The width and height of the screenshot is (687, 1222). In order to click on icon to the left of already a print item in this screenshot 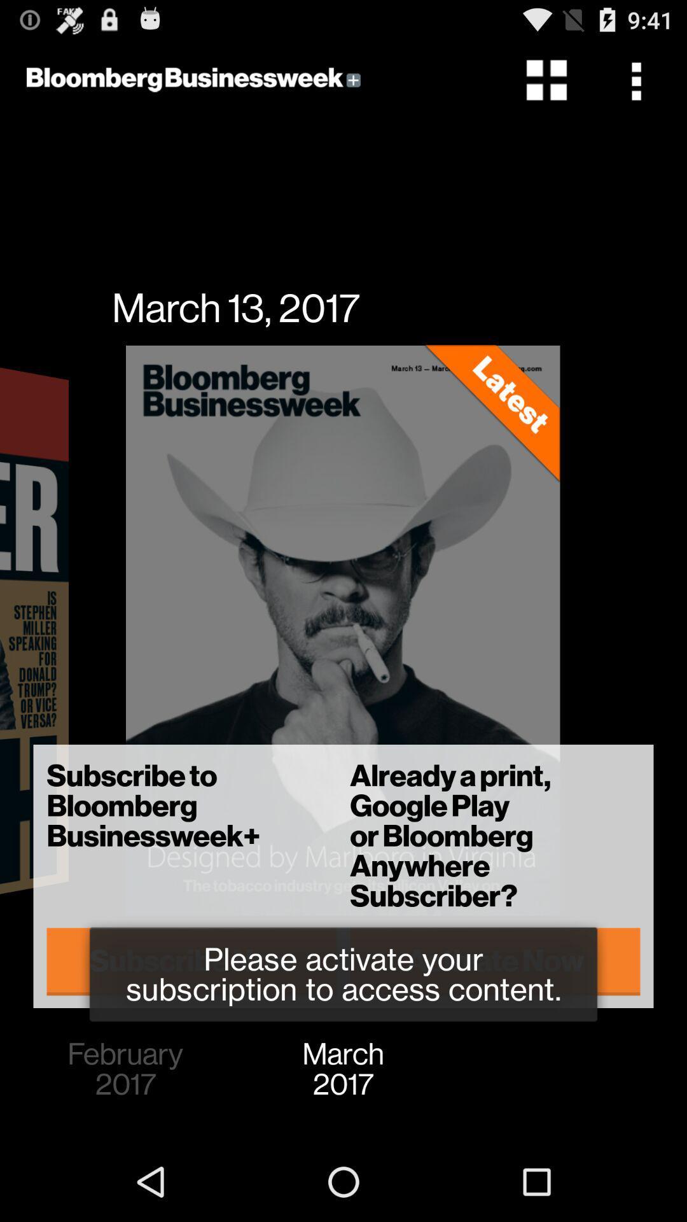, I will do `click(191, 961)`.